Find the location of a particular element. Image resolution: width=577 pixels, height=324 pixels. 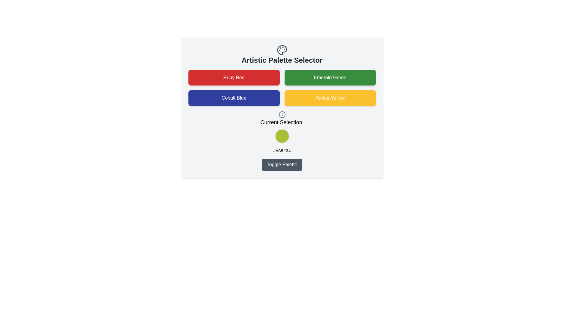

the artist's palette icon, which is a small circular icon with paint dabs, located centrally above the 'Artistic Palette Selector' text is located at coordinates (282, 49).